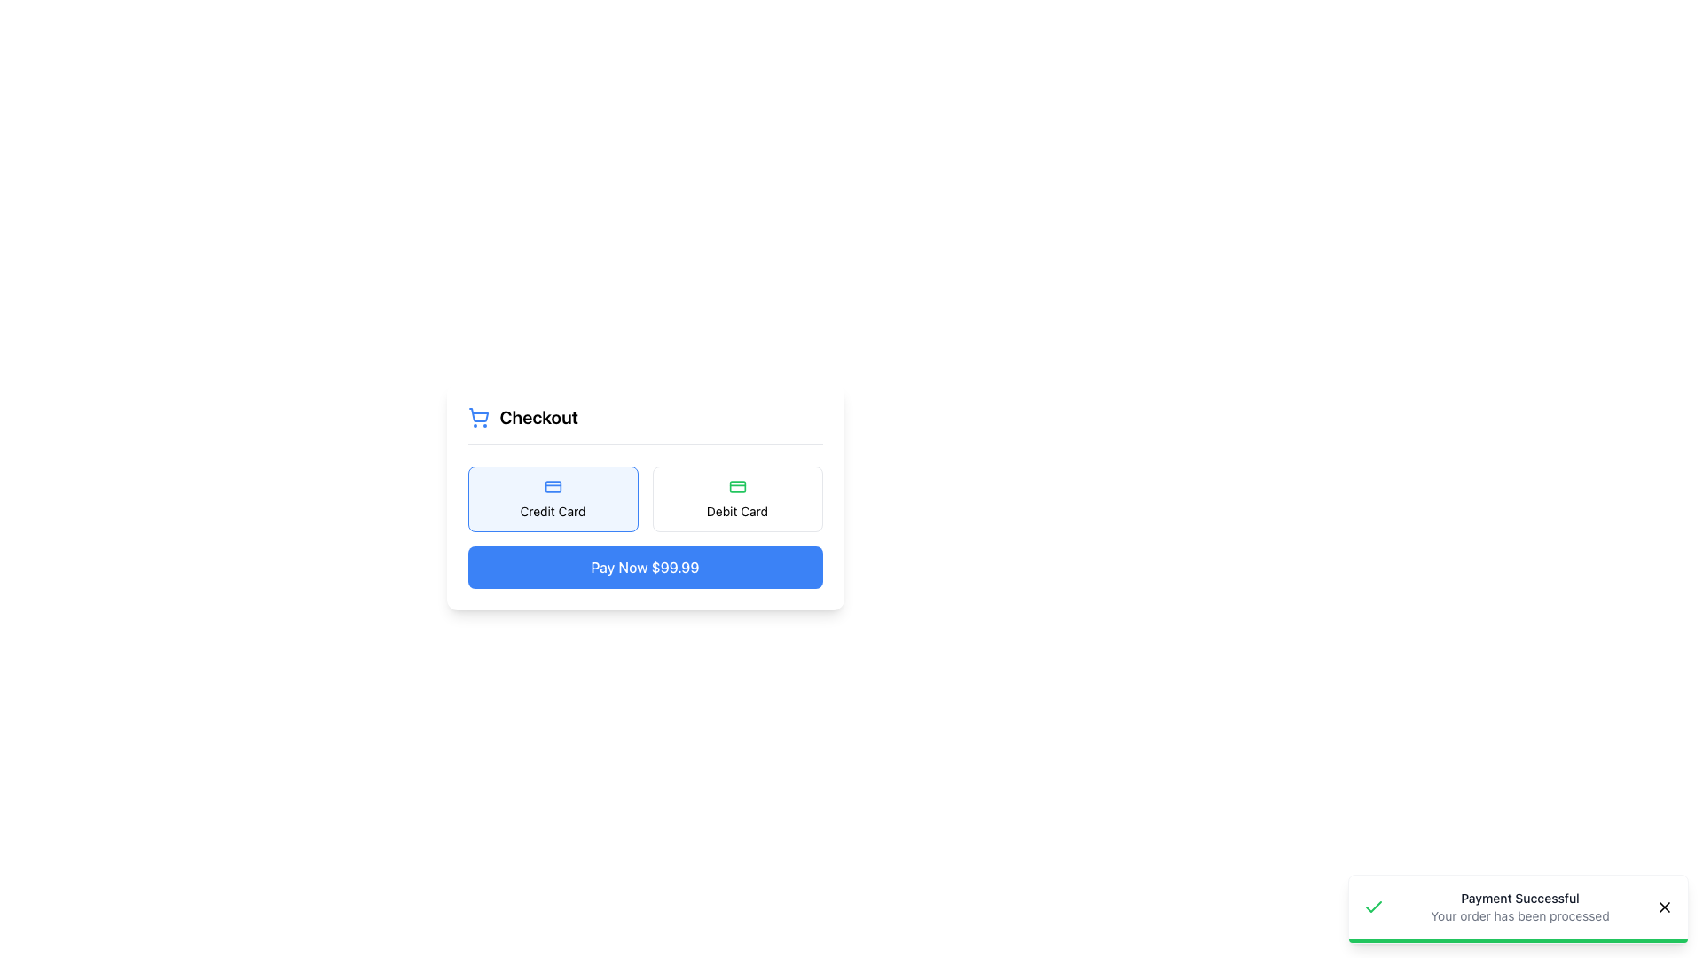 This screenshot has width=1703, height=958. I want to click on the text element that reads 'Your order has been processed', styled in small gray font, positioned below 'Payment Successful' in the bottom right of the interface, so click(1519, 916).